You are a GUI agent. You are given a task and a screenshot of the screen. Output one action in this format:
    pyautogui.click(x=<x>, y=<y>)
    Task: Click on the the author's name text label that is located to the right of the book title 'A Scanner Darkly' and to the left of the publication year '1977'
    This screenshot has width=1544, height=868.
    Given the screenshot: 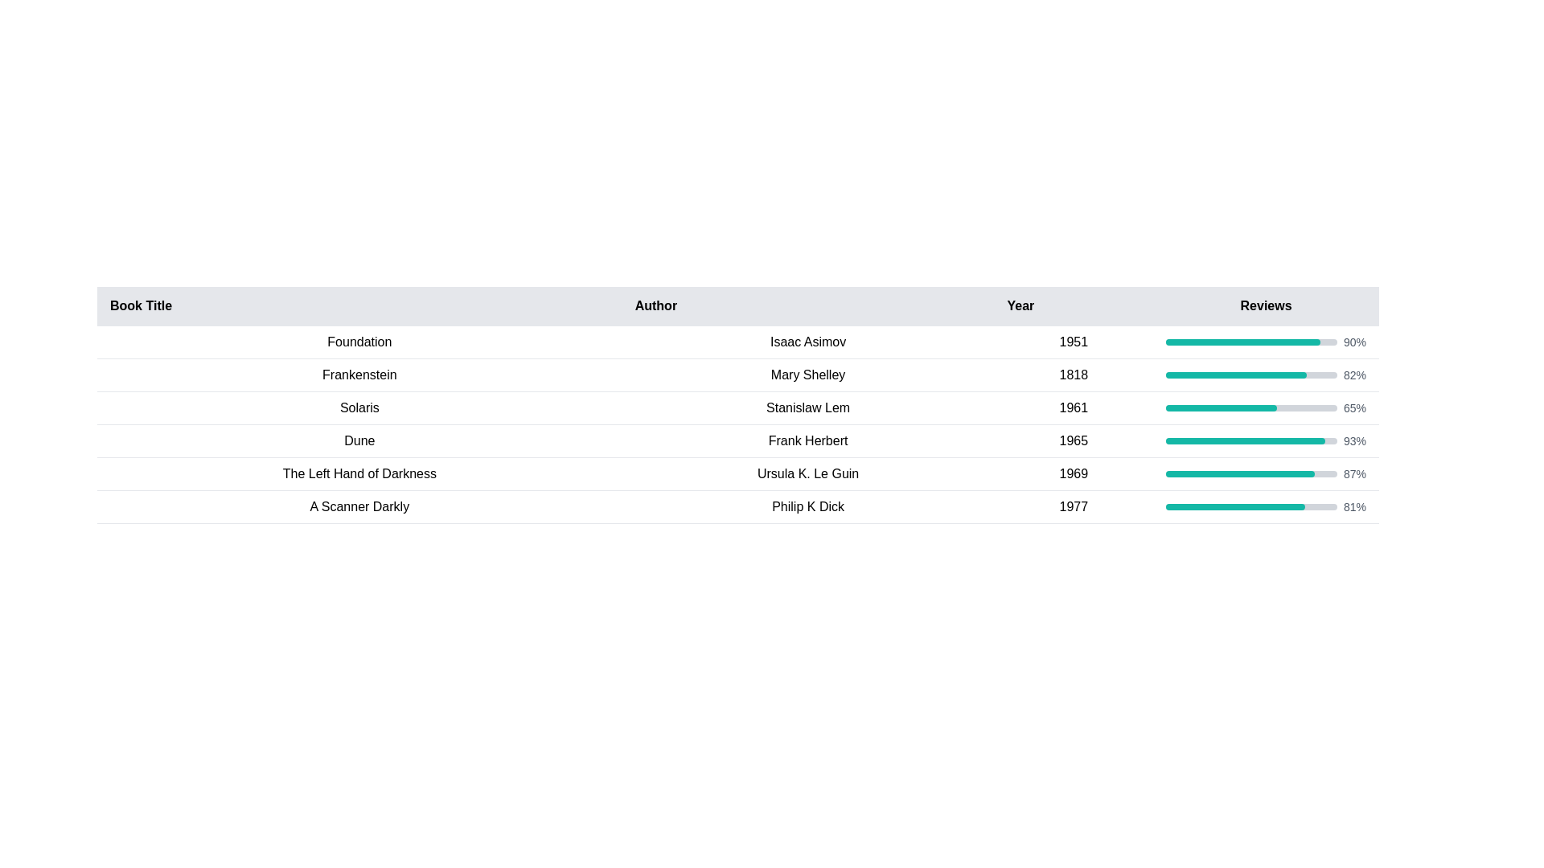 What is the action you would take?
    pyautogui.click(x=808, y=507)
    